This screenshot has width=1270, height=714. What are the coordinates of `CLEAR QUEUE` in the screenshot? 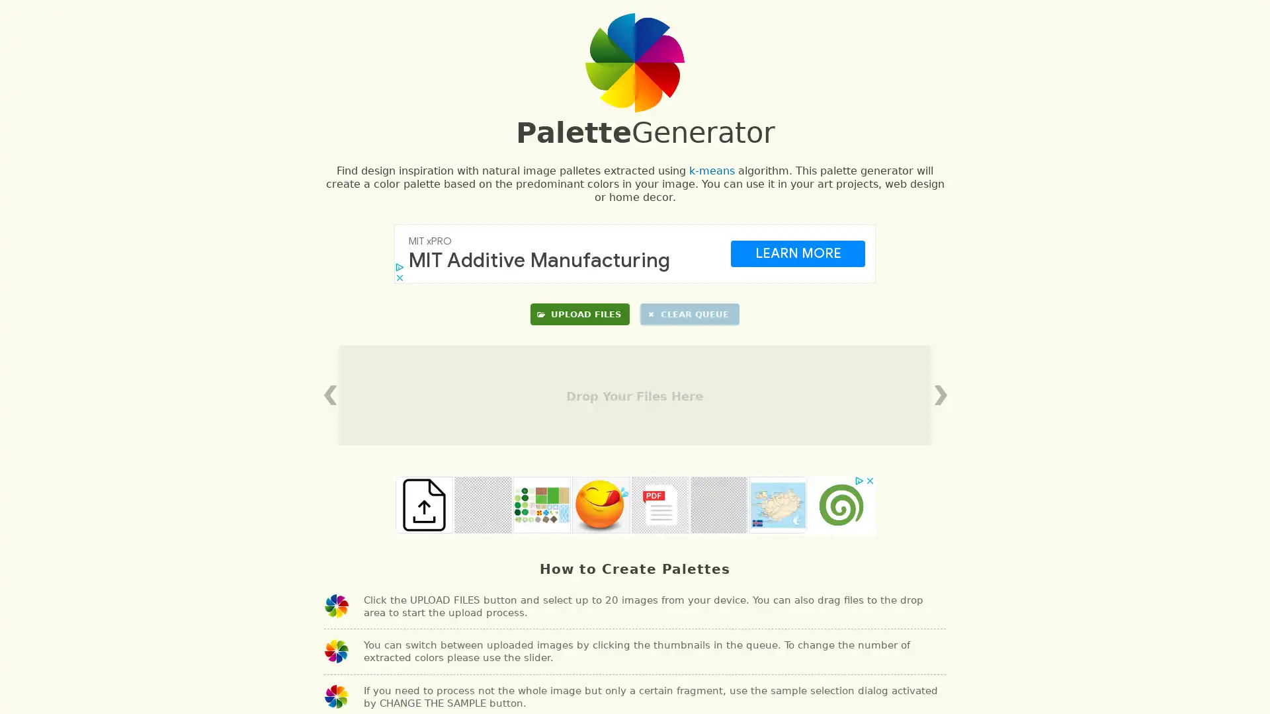 It's located at (689, 313).